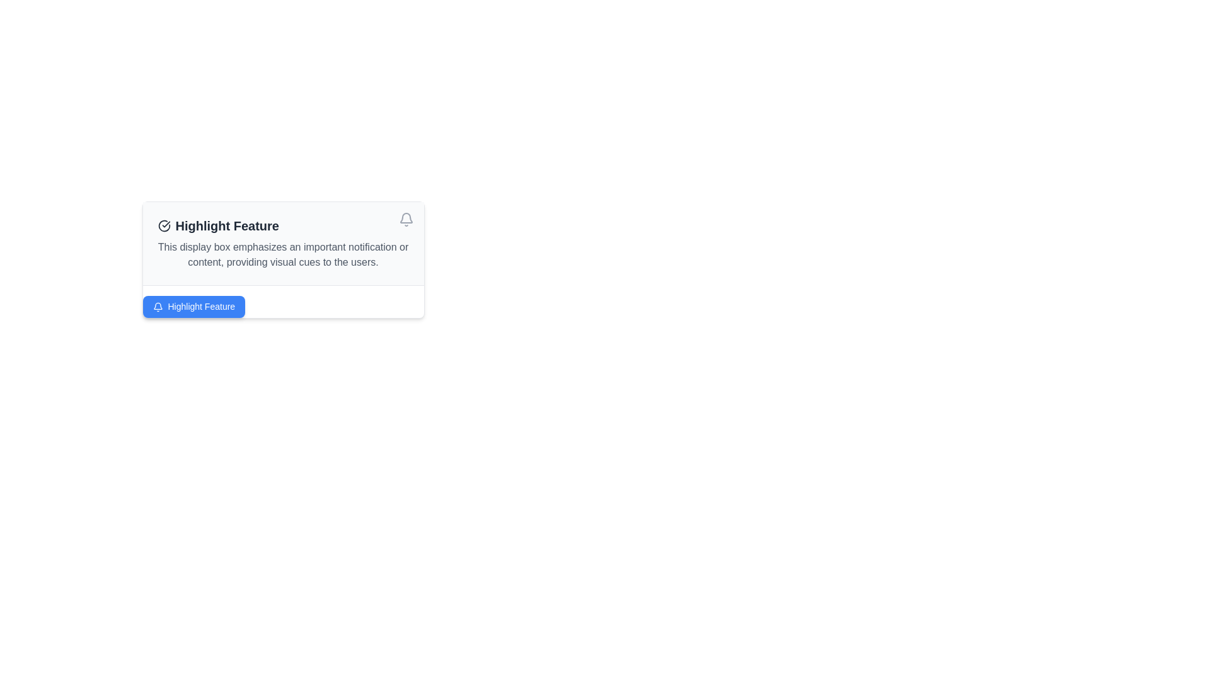 The width and height of the screenshot is (1210, 680). What do you see at coordinates (157, 307) in the screenshot?
I see `the Bell Icon, which is located to the left of the 'Highlight Feature' button within a rounded rectangular blue button at the bottom-right corner of the notification box` at bounding box center [157, 307].